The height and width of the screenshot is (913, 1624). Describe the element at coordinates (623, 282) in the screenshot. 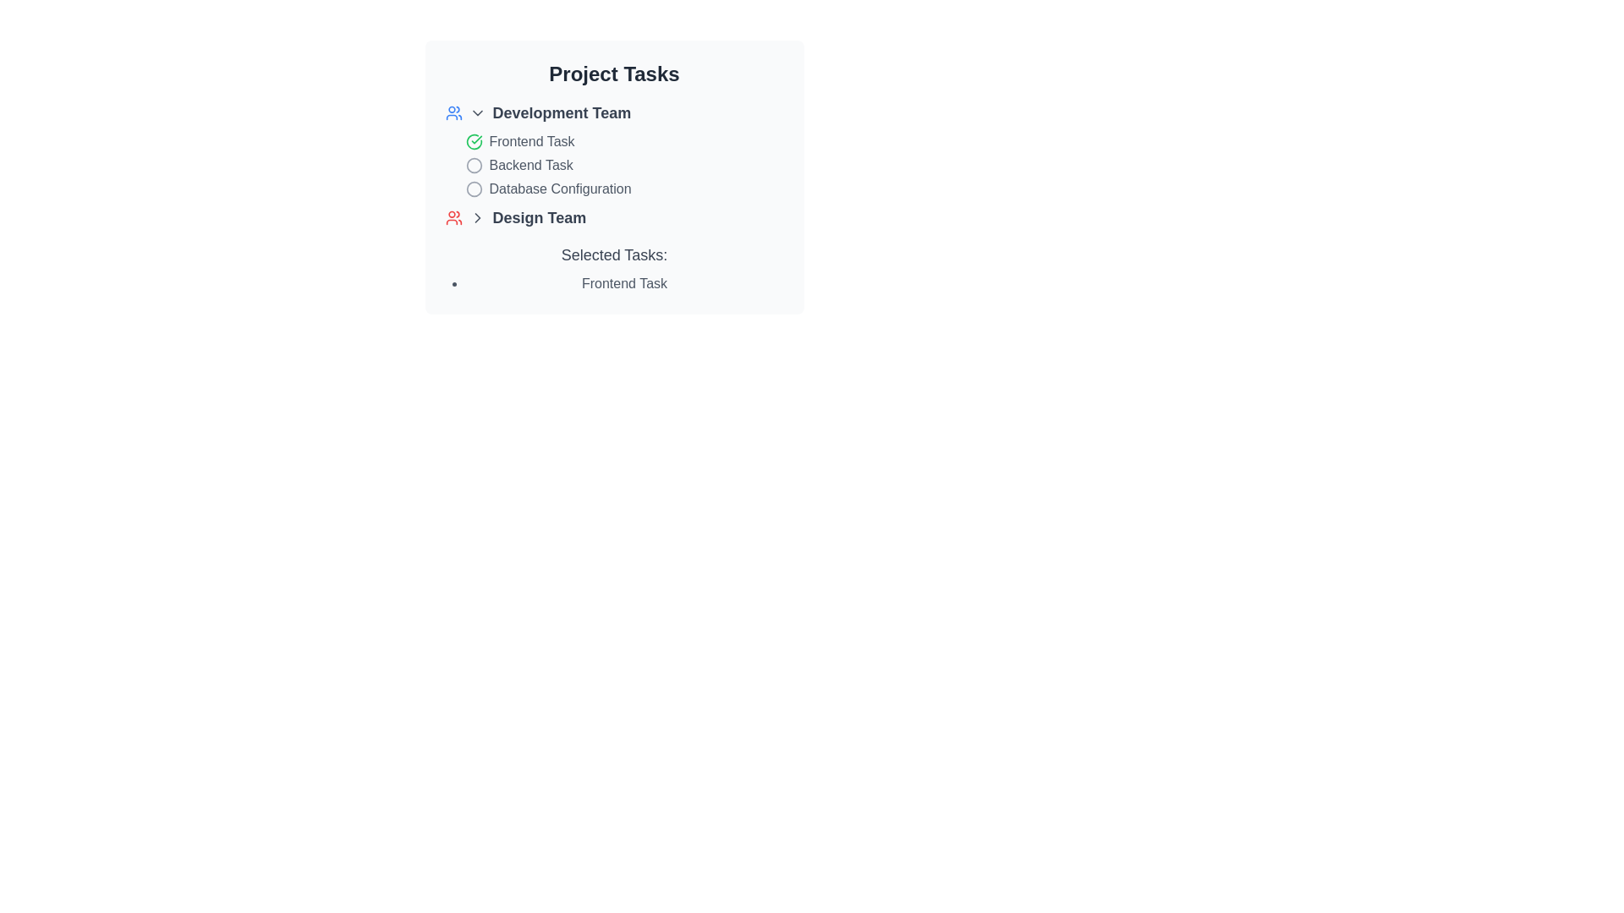

I see `the text label that says 'Frontend Task' in light gray color, located under the 'Selected Tasks:' section, below the 'Design Team' heading` at that location.